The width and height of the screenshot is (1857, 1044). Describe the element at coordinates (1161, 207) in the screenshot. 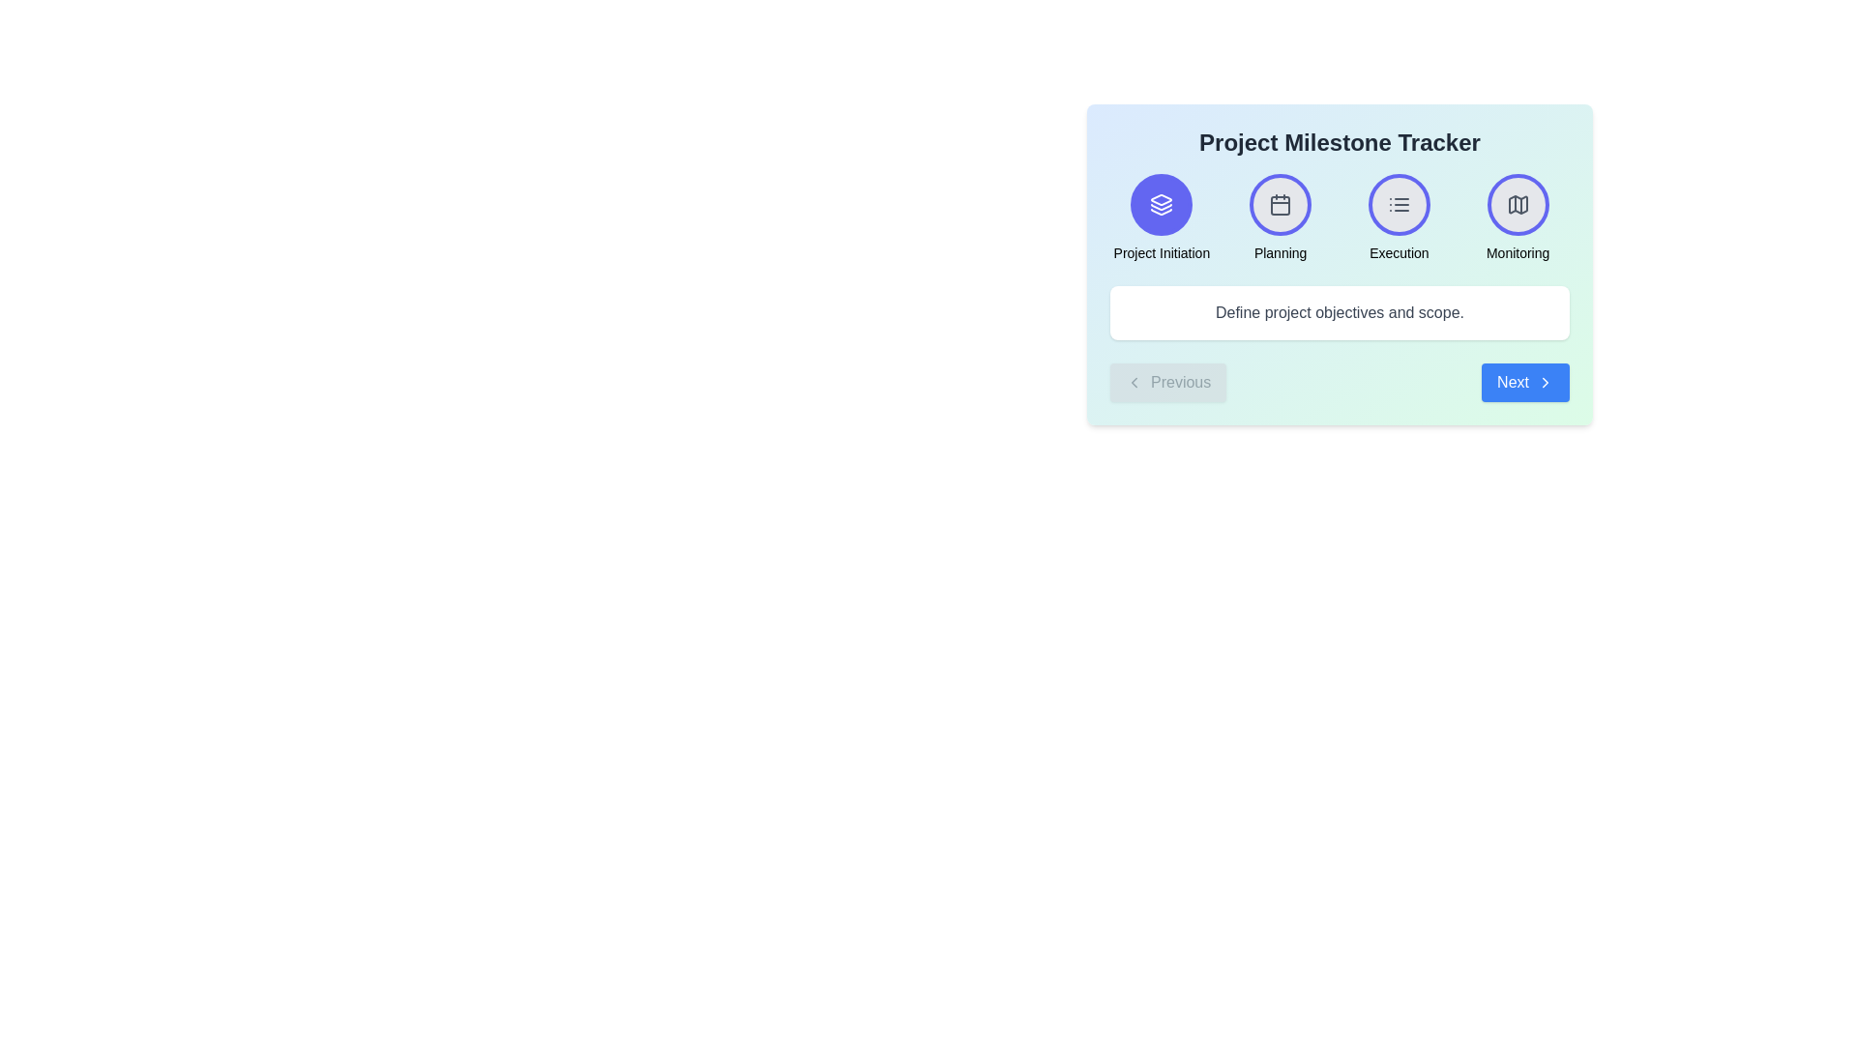

I see `the middle icon representing a layered structure` at that location.